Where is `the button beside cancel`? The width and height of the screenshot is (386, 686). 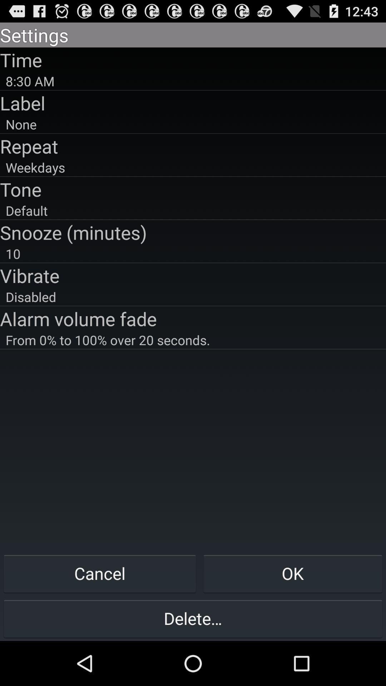 the button beside cancel is located at coordinates (293, 573).